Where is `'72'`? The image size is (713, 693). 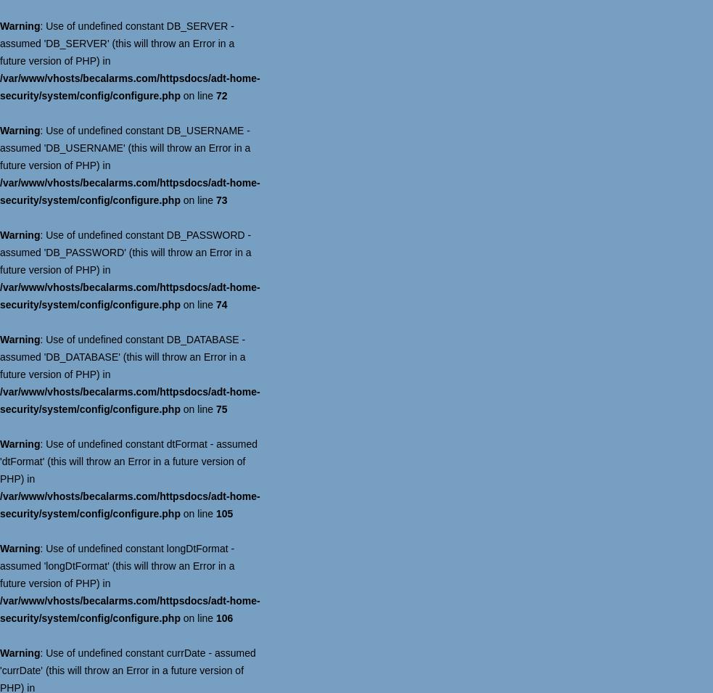 '72' is located at coordinates (221, 94).